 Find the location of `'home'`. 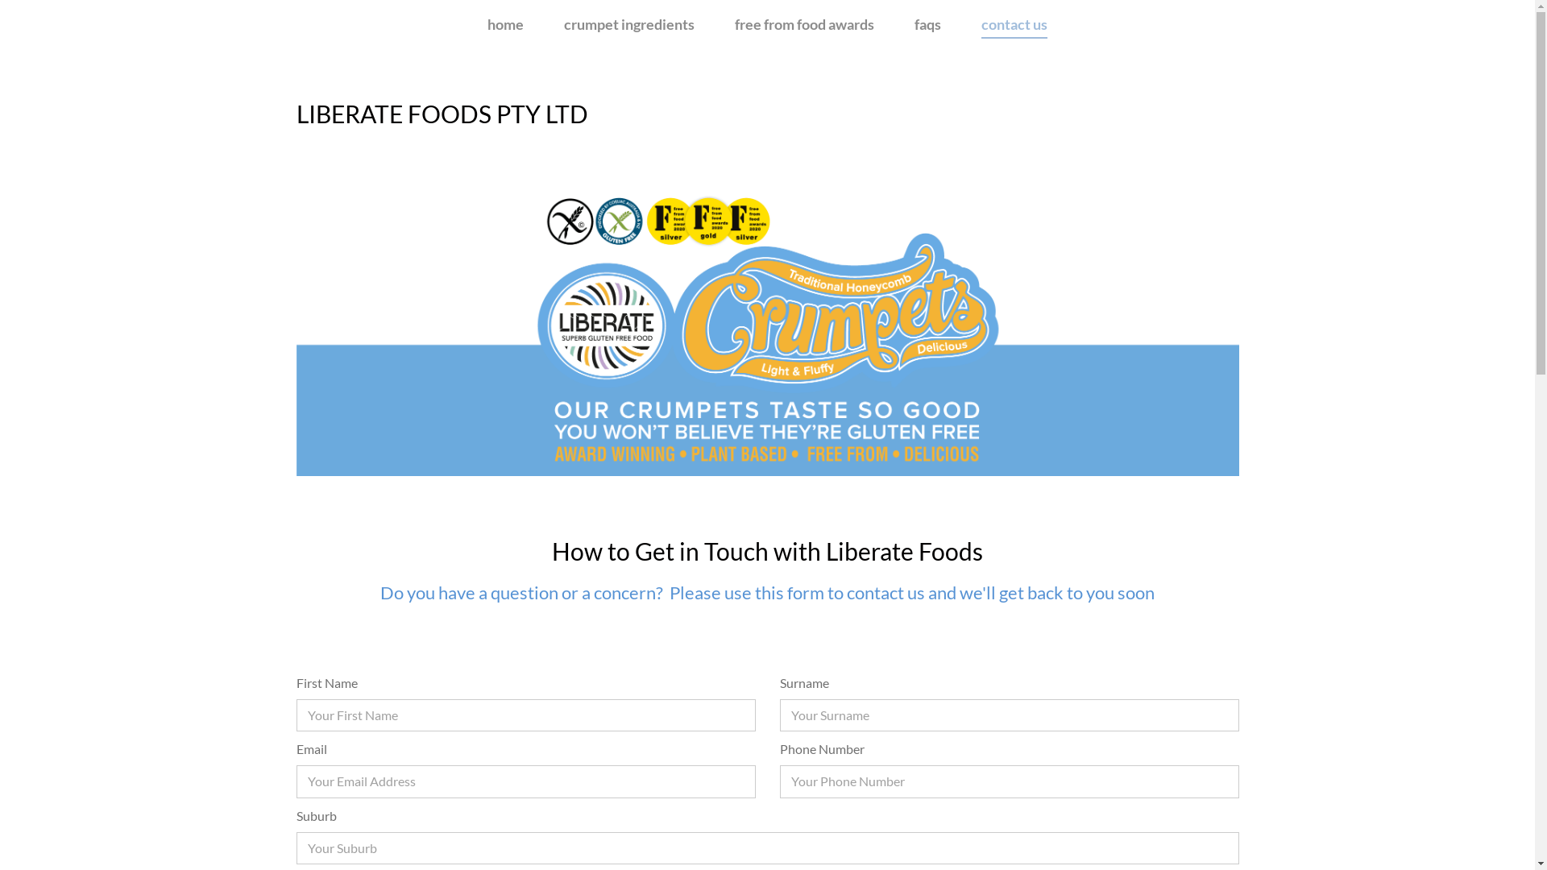

'home' is located at coordinates (504, 24).